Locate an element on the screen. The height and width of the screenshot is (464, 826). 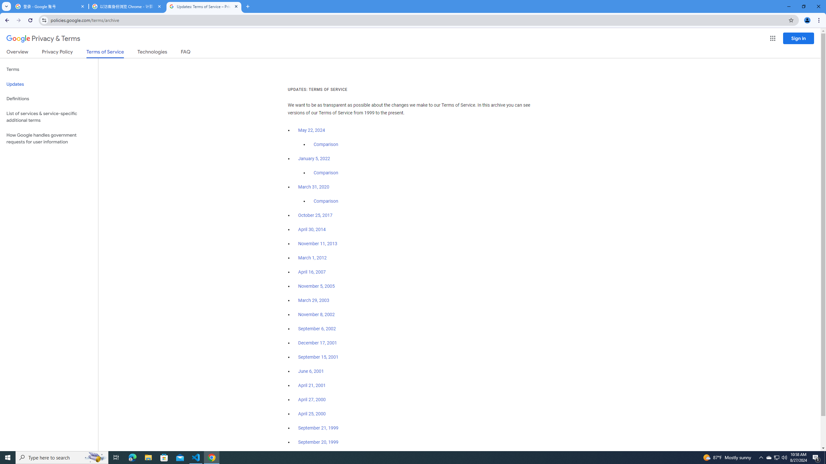
'November 8, 2002' is located at coordinates (316, 314).